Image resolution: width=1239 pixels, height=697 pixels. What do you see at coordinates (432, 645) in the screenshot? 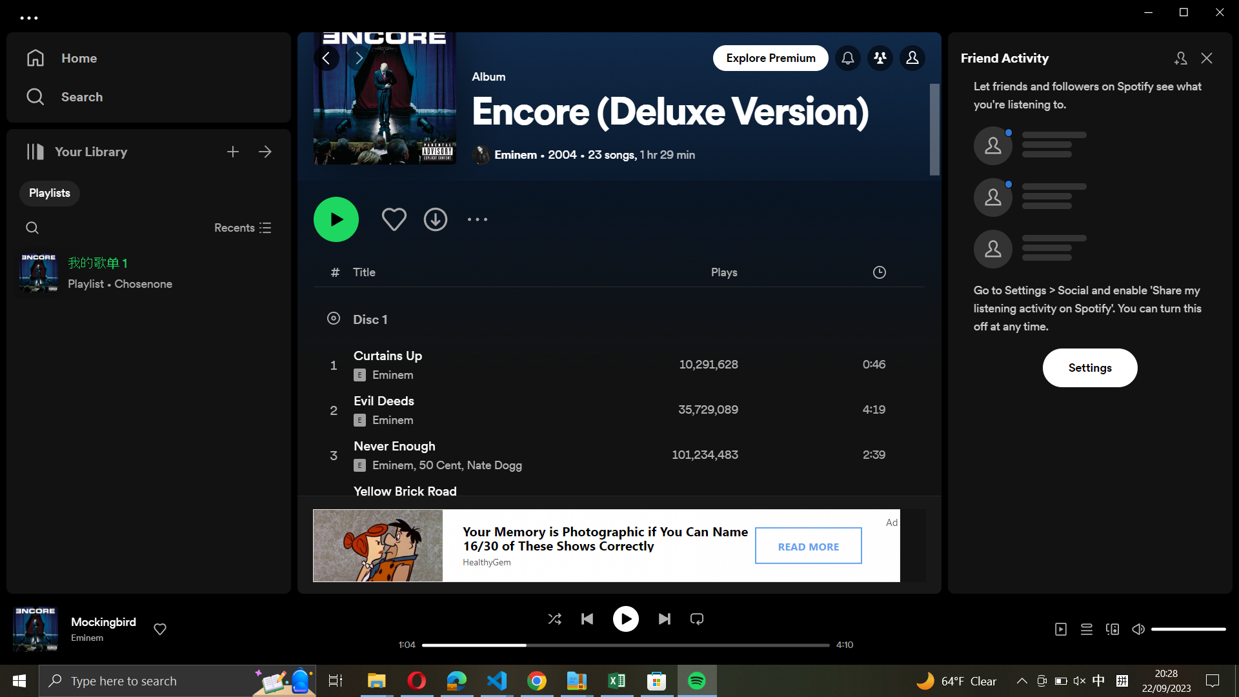
I see `Go to the beginning of the current song` at bounding box center [432, 645].